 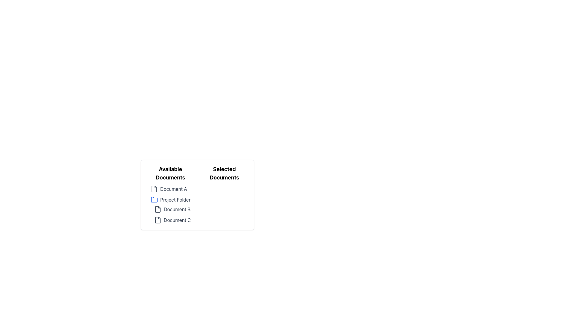 I want to click on the text label displaying 'Document A' which is styled in gray and located within the list under 'Available Documents', so click(x=173, y=189).